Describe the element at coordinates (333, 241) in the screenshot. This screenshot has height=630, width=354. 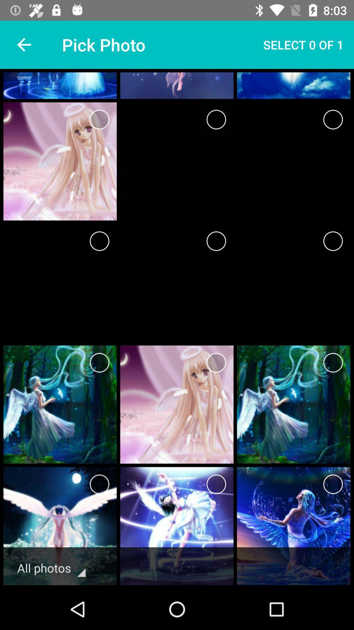
I see `image` at that location.